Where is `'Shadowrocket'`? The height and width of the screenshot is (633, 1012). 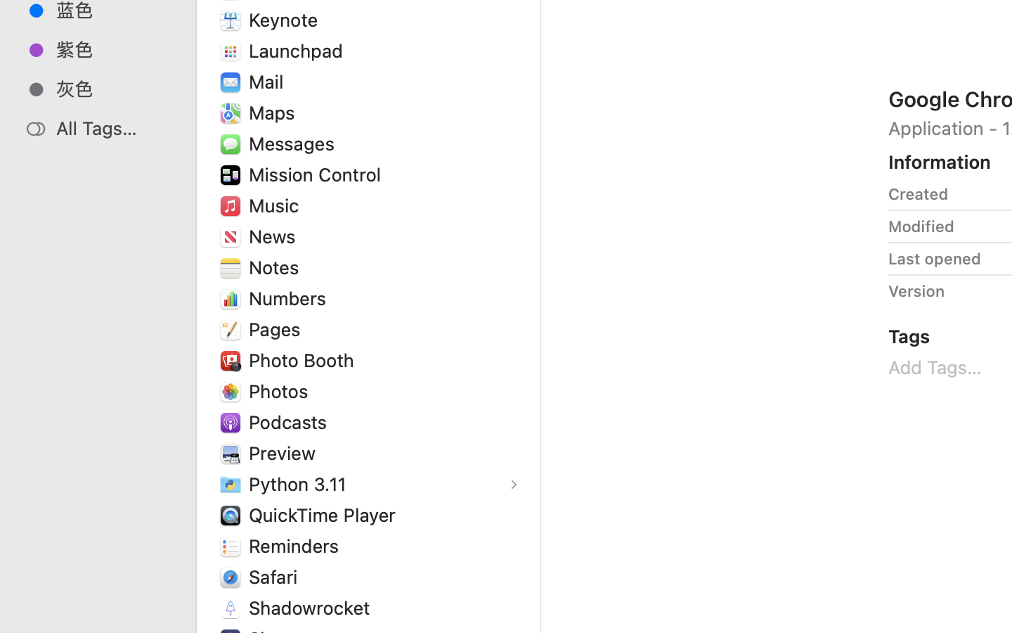 'Shadowrocket' is located at coordinates (312, 608).